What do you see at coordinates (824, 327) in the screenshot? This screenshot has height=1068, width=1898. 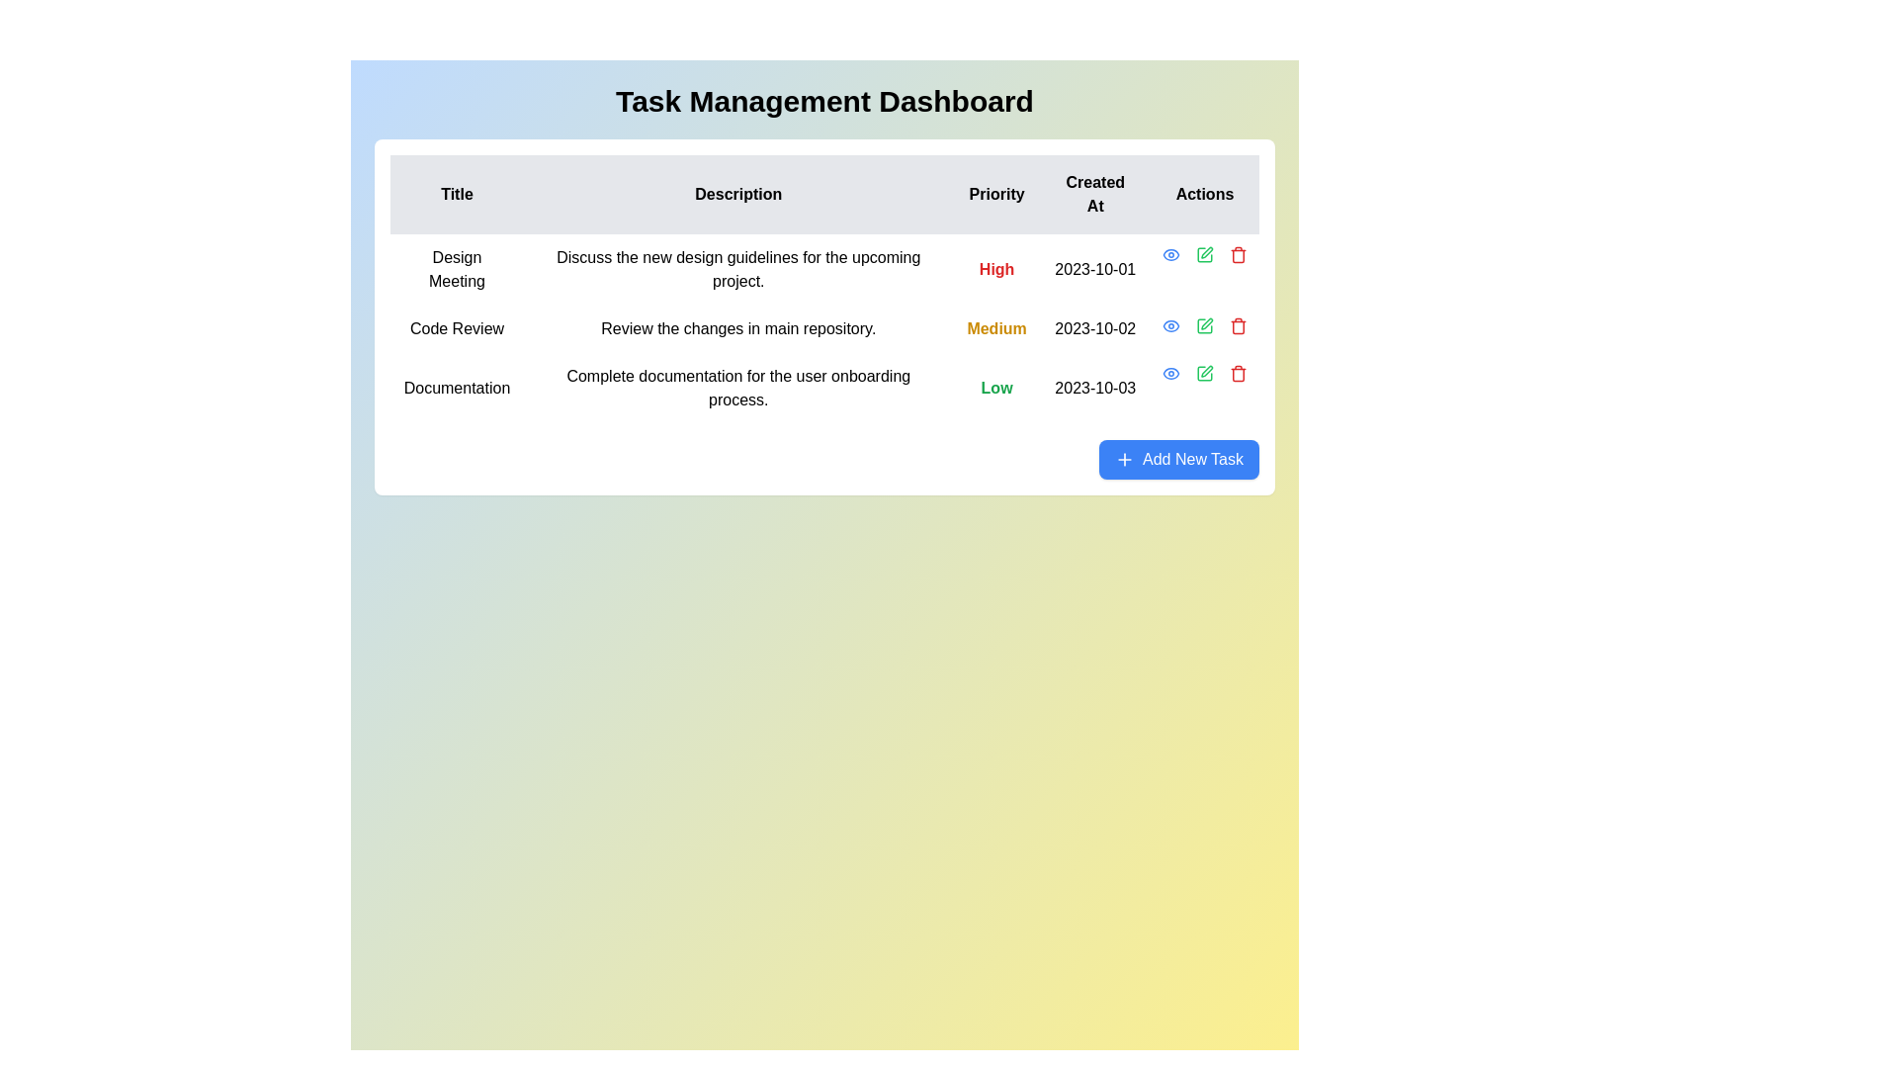 I see `the second data row in the task management dashboard that contains details about the task titled 'Code Review', which includes a bold yellow priority field` at bounding box center [824, 327].